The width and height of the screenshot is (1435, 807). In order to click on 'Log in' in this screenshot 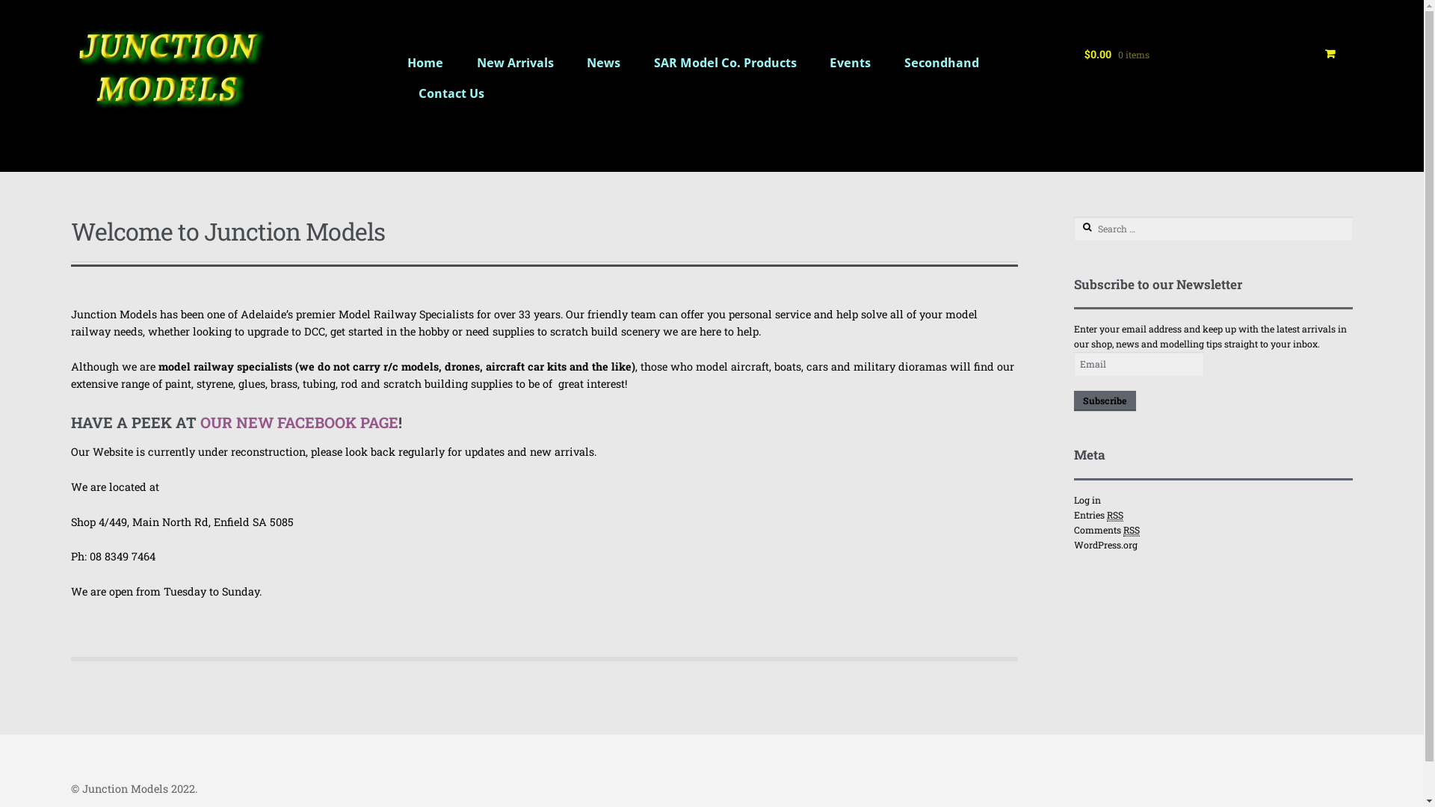, I will do `click(1073, 499)`.